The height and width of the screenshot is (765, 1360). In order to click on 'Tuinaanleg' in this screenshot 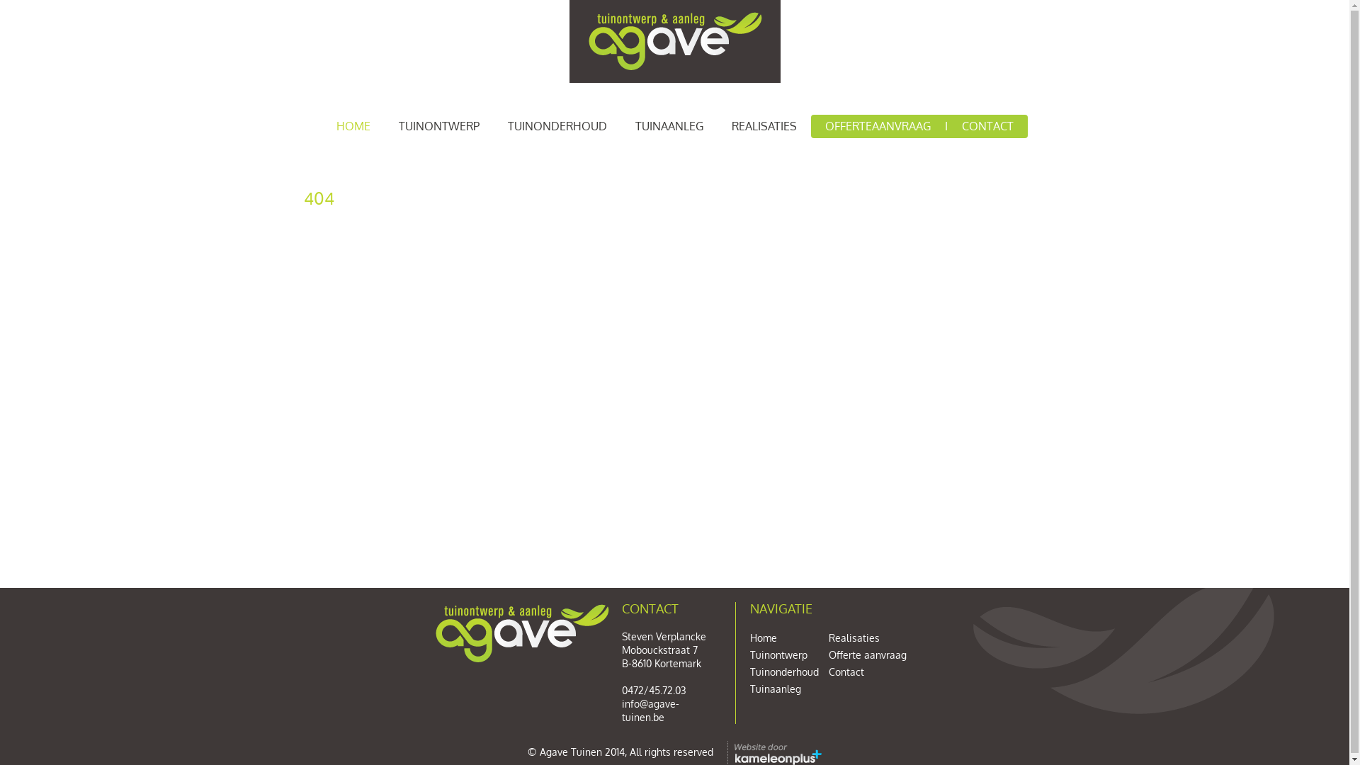, I will do `click(774, 688)`.